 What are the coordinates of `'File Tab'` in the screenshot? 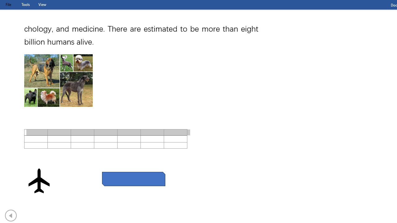 It's located at (8, 4).